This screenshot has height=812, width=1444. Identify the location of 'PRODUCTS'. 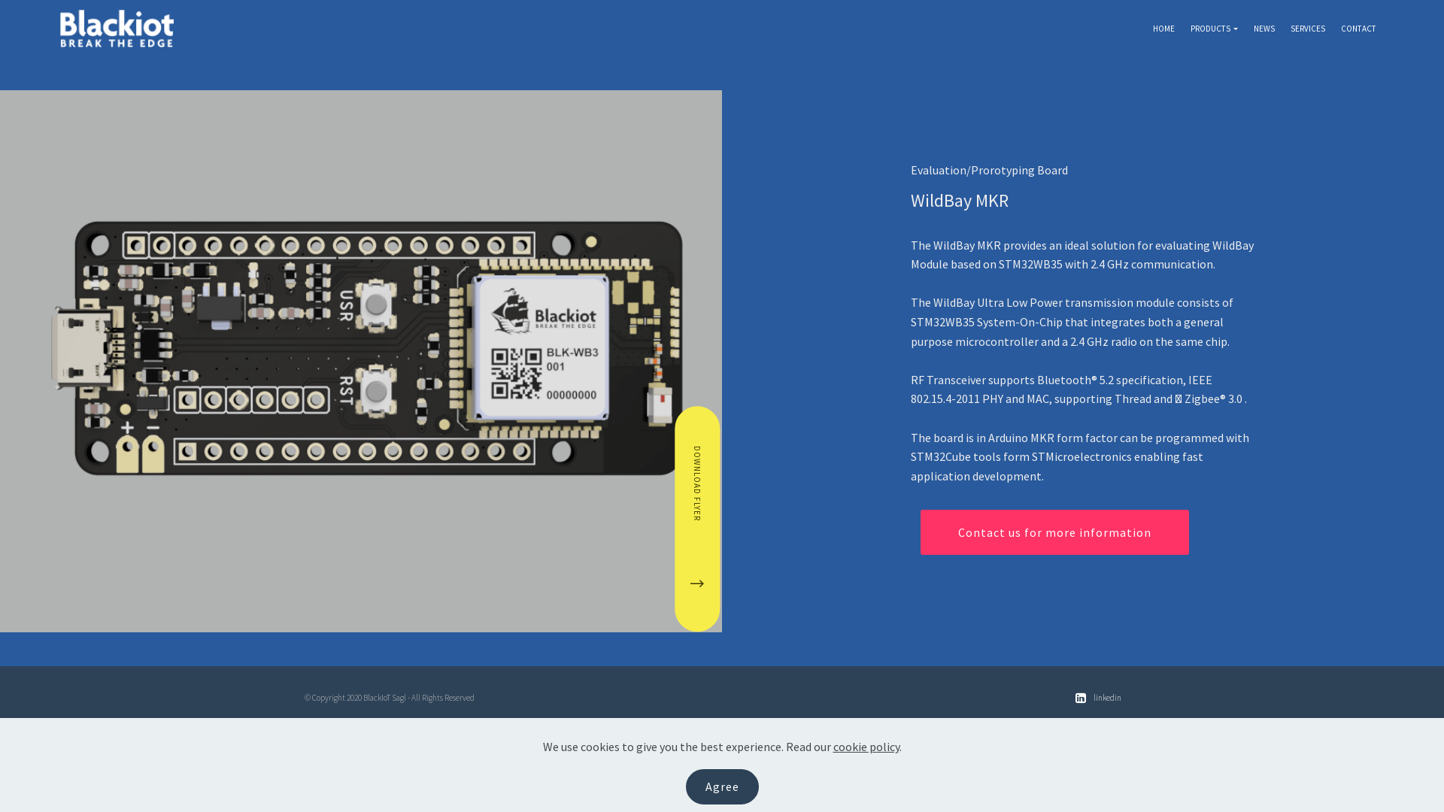
(1214, 29).